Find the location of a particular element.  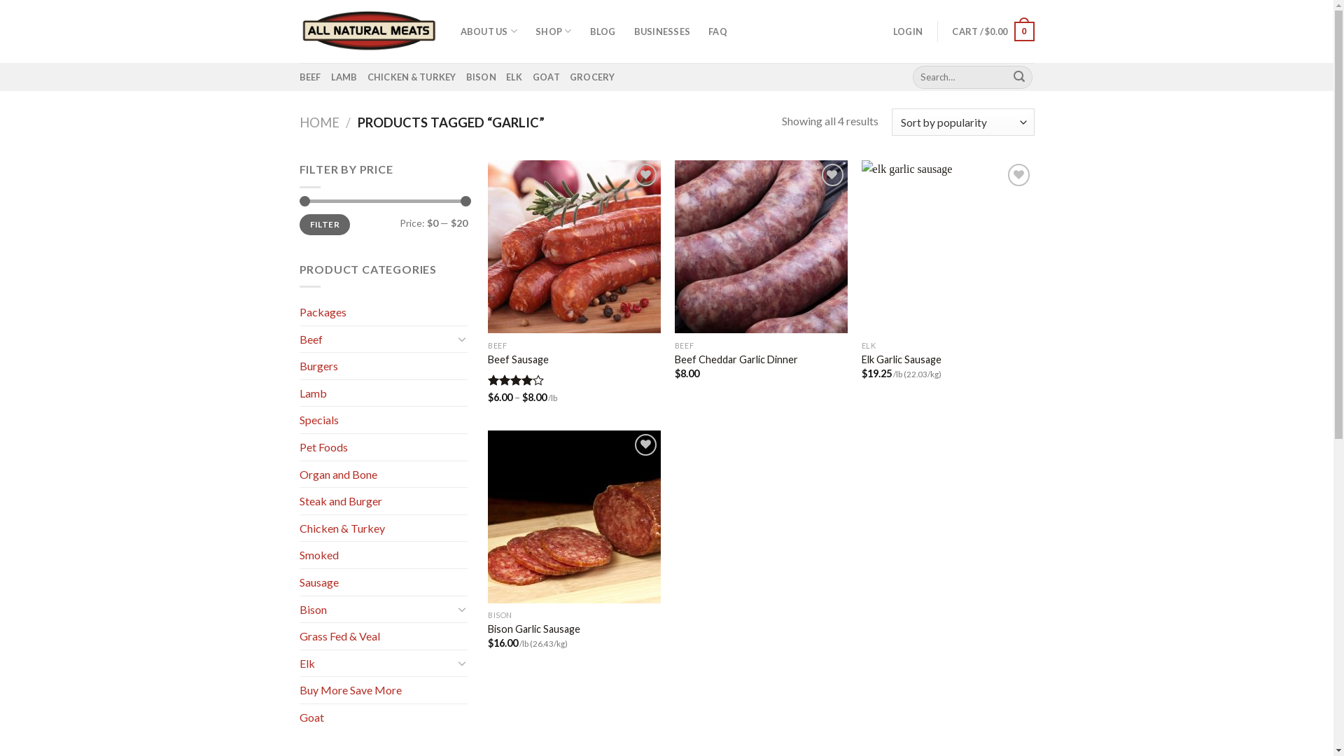

'BLOG' is located at coordinates (602, 31).